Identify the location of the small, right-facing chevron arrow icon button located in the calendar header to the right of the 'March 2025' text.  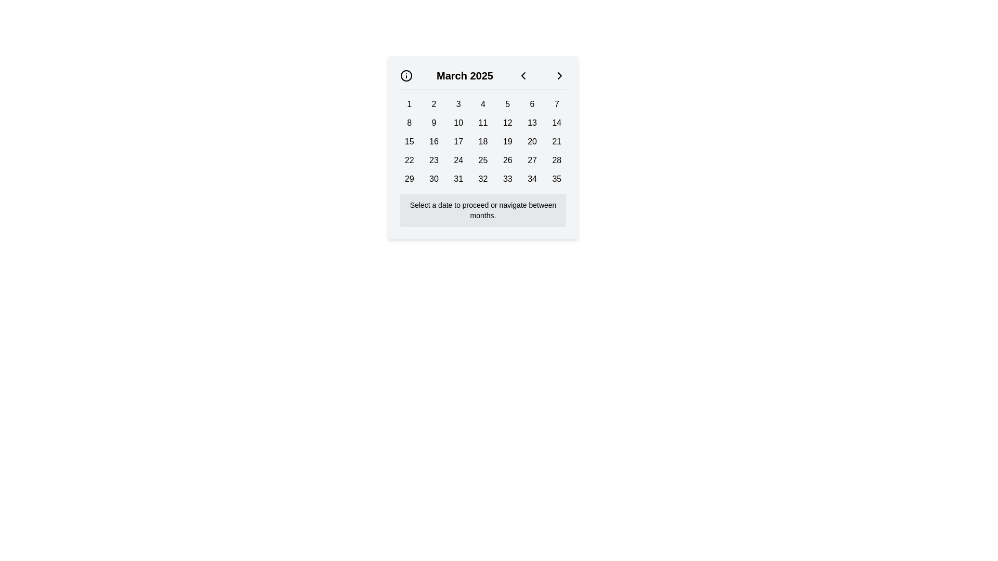
(559, 75).